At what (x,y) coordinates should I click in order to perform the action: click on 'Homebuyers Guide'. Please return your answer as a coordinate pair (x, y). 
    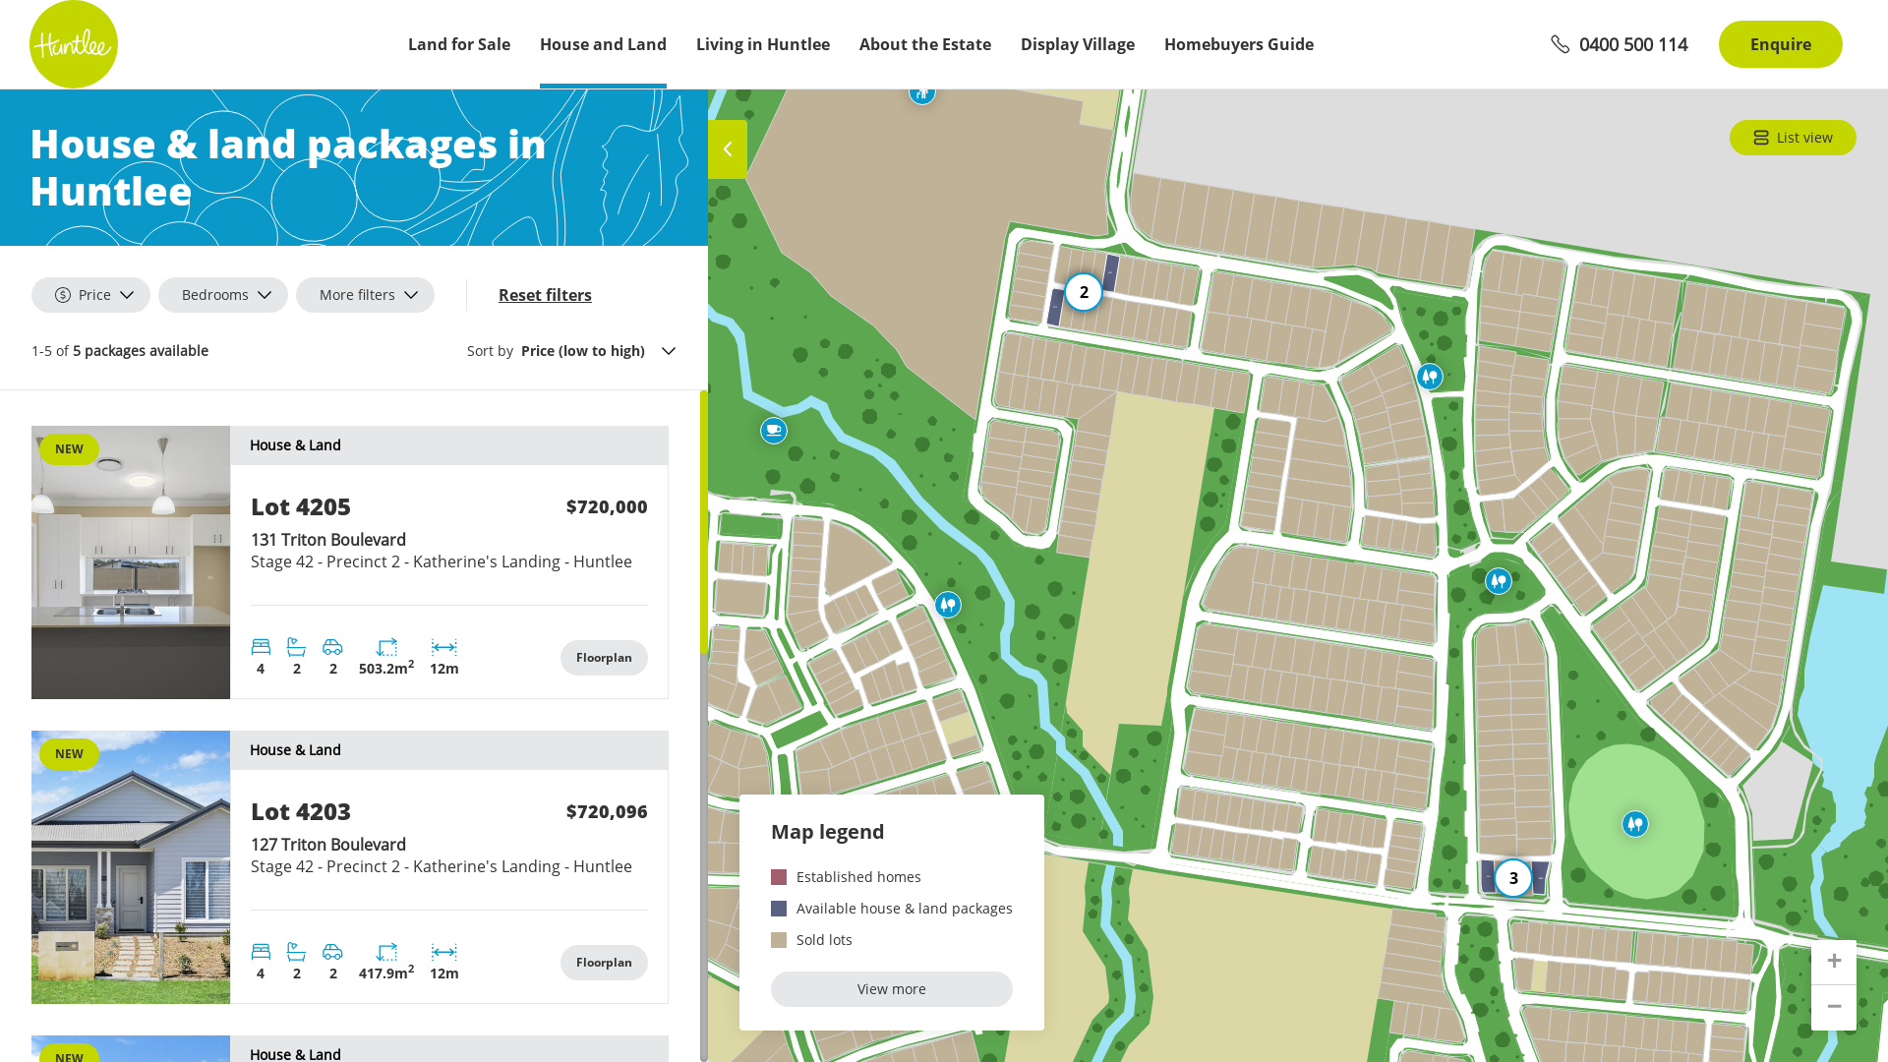
    Looking at the image, I should click on (1237, 44).